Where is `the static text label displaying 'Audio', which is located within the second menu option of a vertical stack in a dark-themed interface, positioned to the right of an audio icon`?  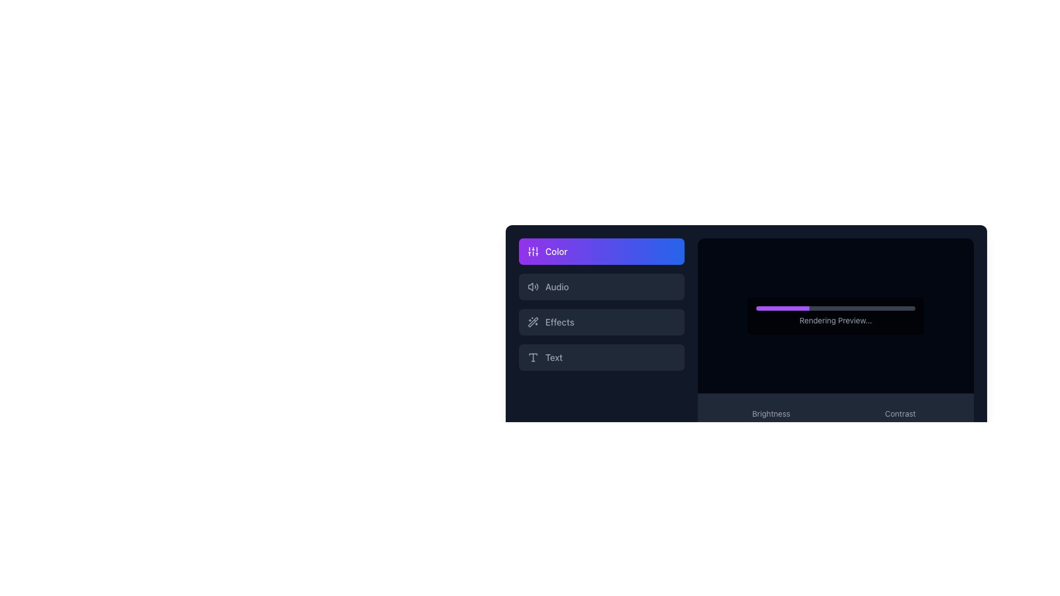
the static text label displaying 'Audio', which is located within the second menu option of a vertical stack in a dark-themed interface, positioned to the right of an audio icon is located at coordinates (557, 286).